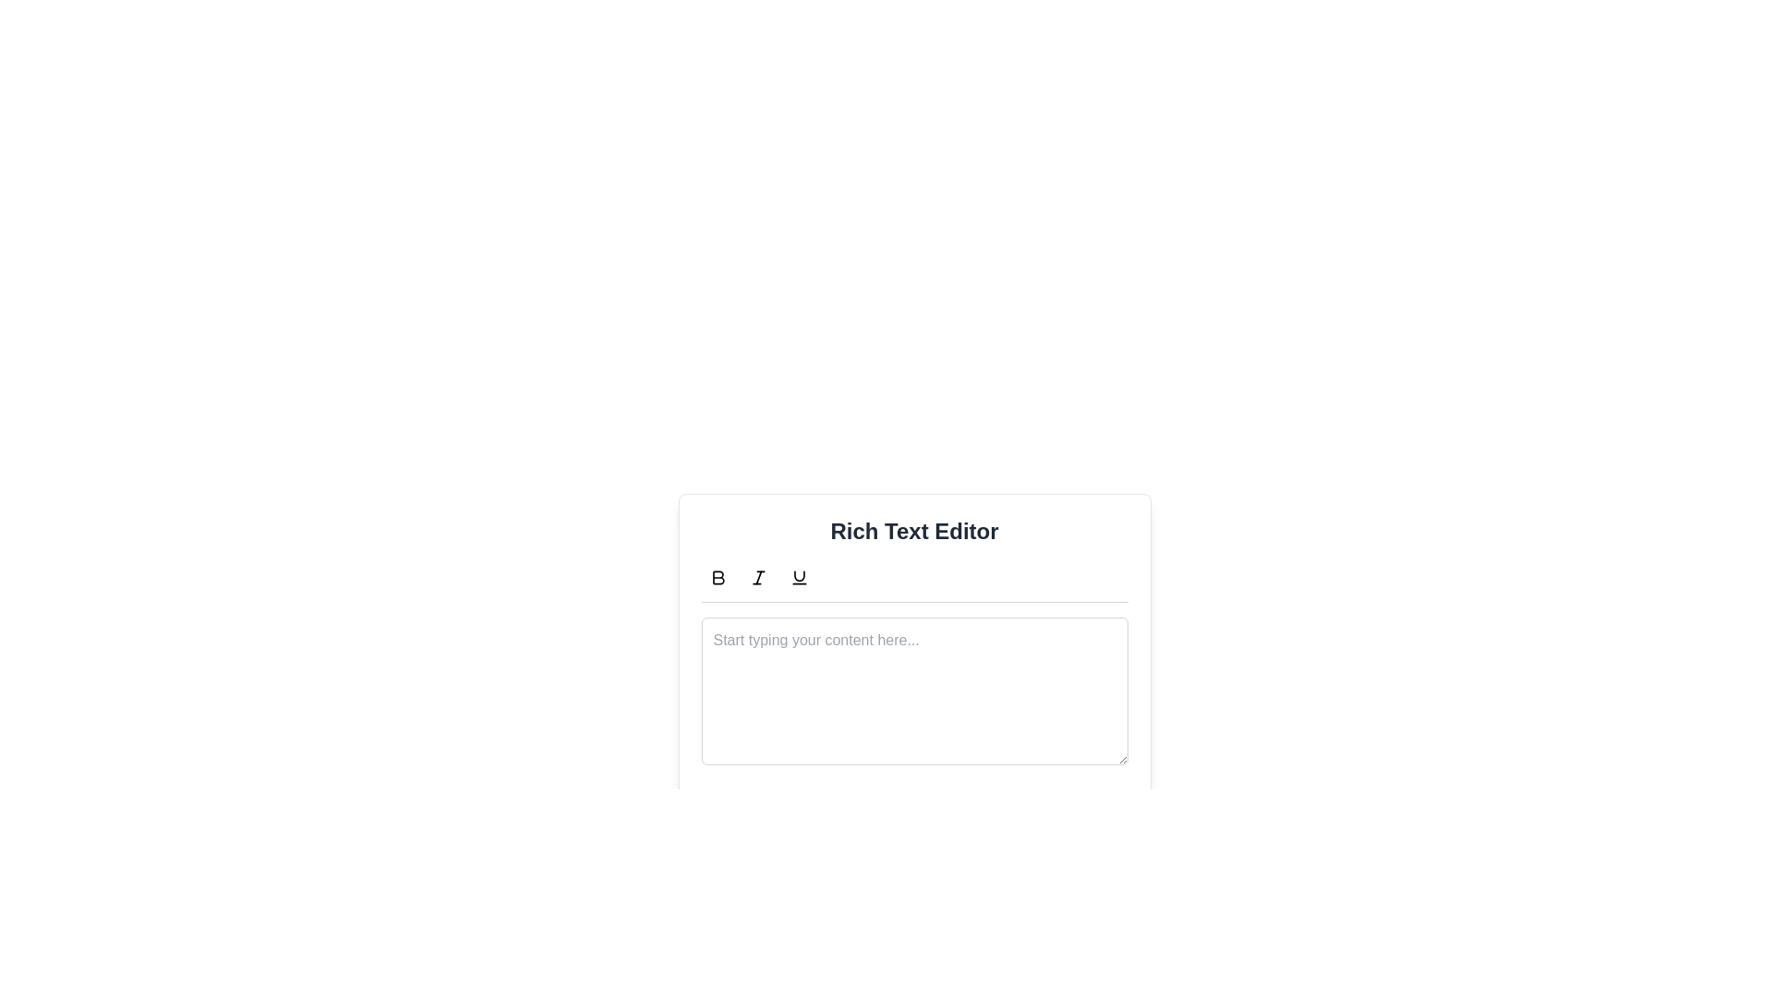  Describe the element at coordinates (758, 576) in the screenshot. I see `the circular button with a black italicized 'I' symbol` at that location.